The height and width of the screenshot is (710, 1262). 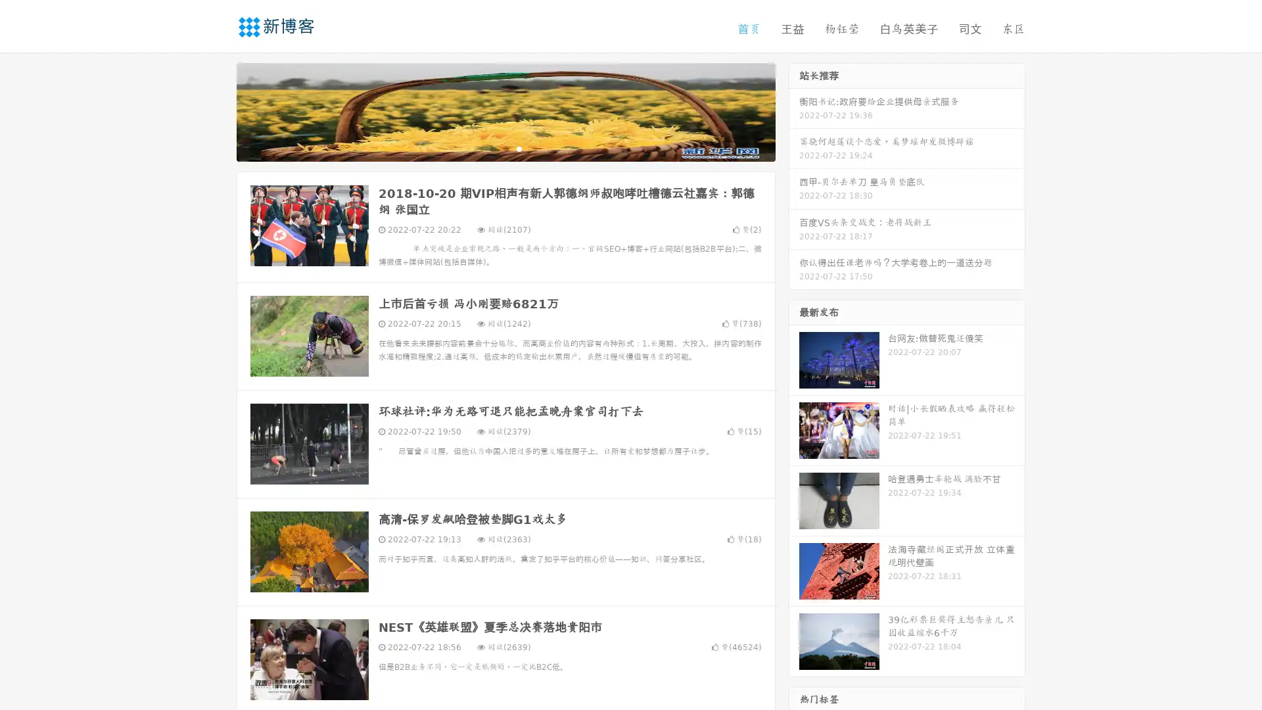 I want to click on Go to slide 2, so click(x=505, y=148).